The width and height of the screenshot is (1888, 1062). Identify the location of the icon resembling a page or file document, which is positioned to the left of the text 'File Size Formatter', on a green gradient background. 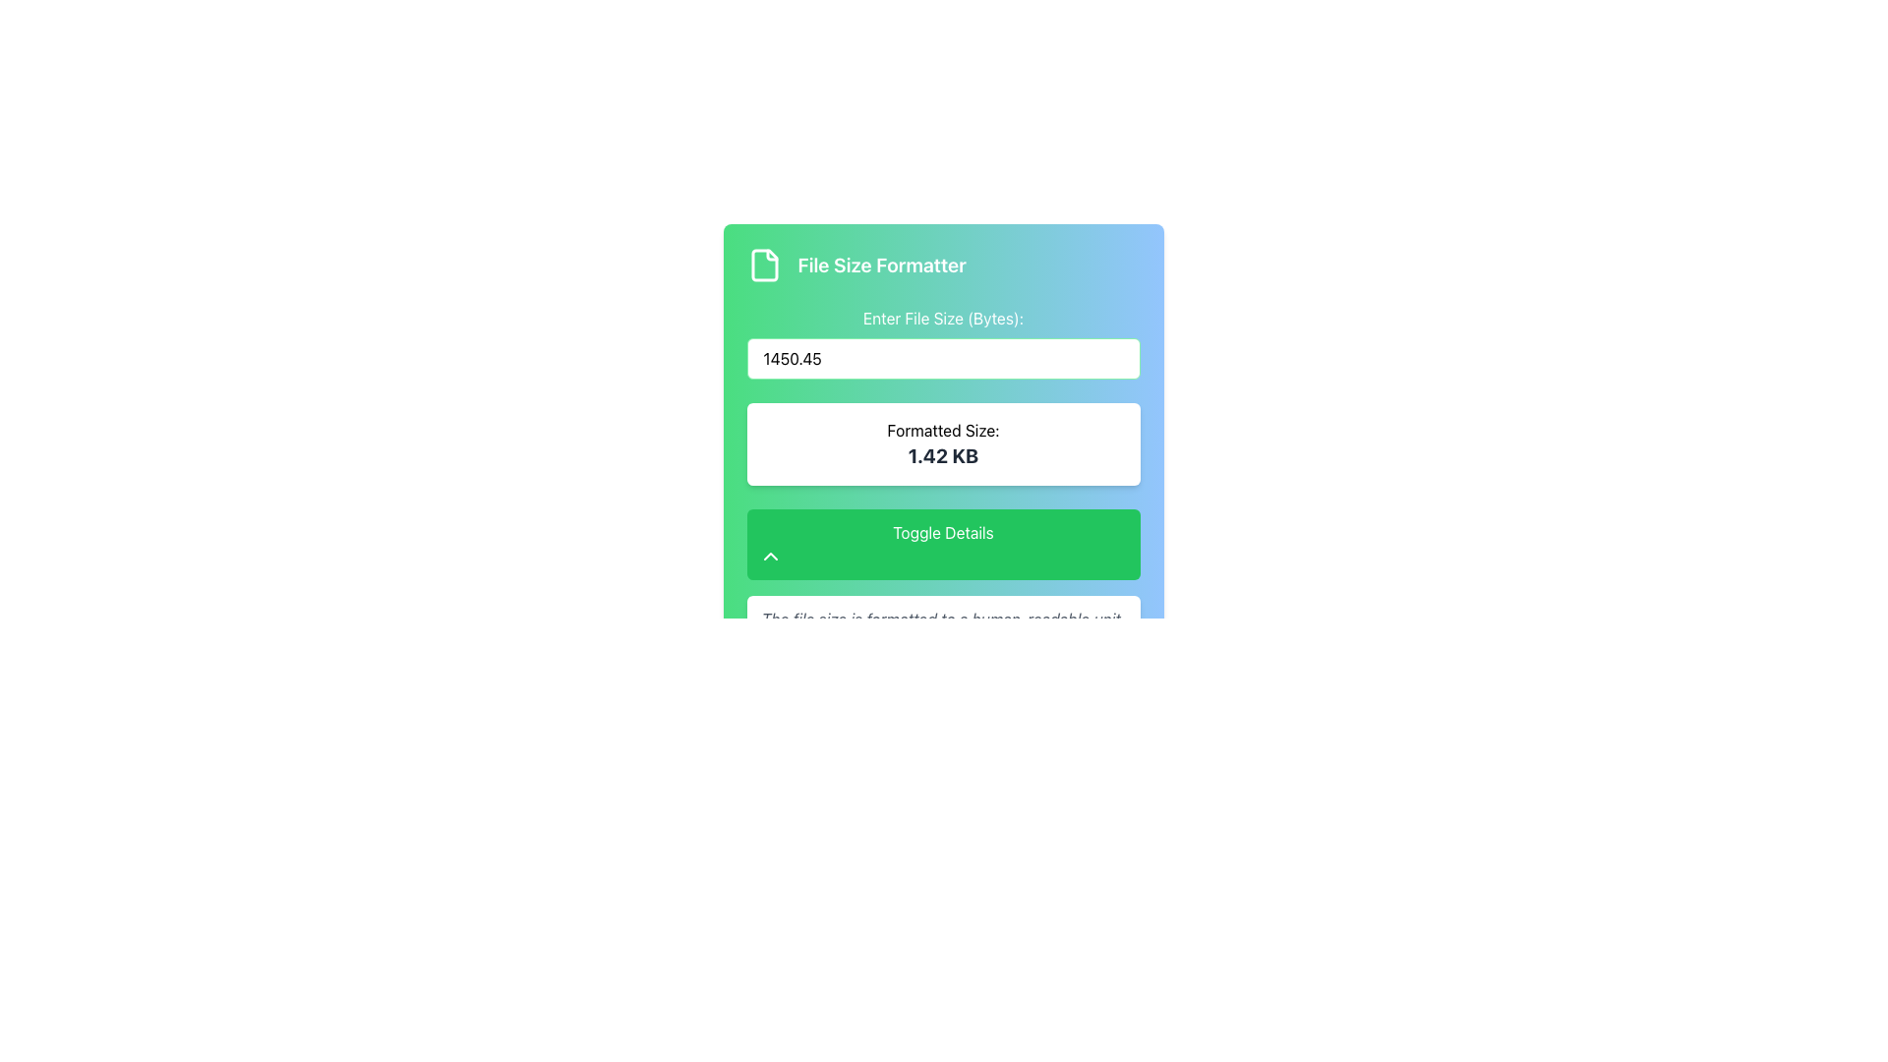
(763, 265).